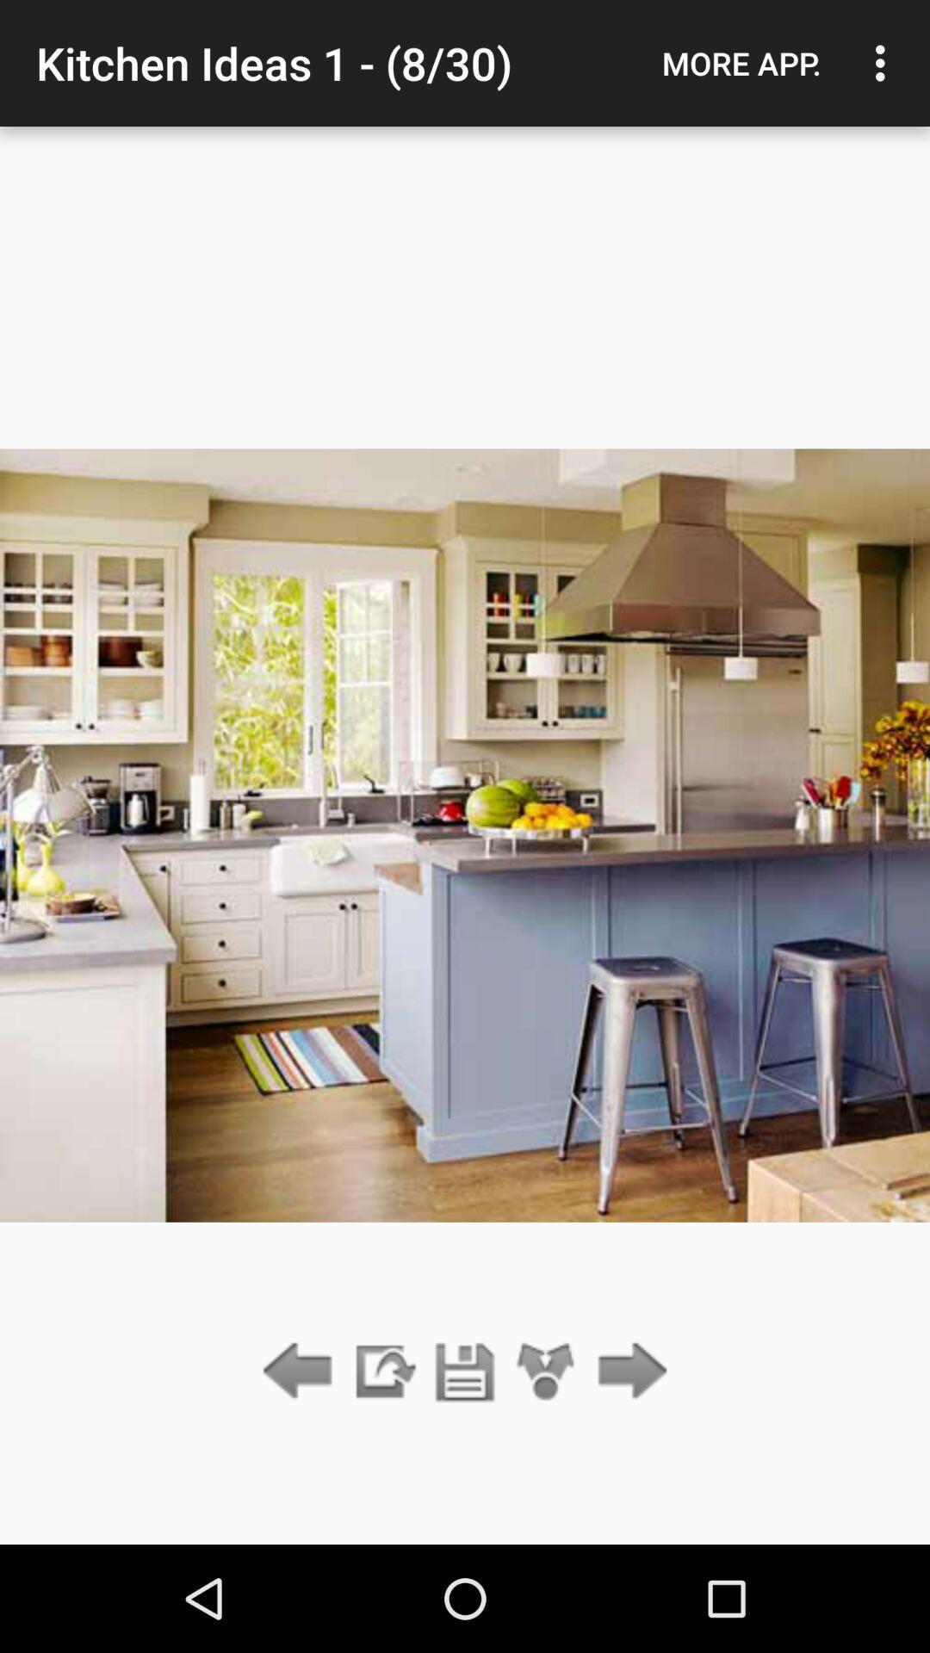 The height and width of the screenshot is (1653, 930). What do you see at coordinates (301, 1371) in the screenshot?
I see `the arrow_backward icon` at bounding box center [301, 1371].